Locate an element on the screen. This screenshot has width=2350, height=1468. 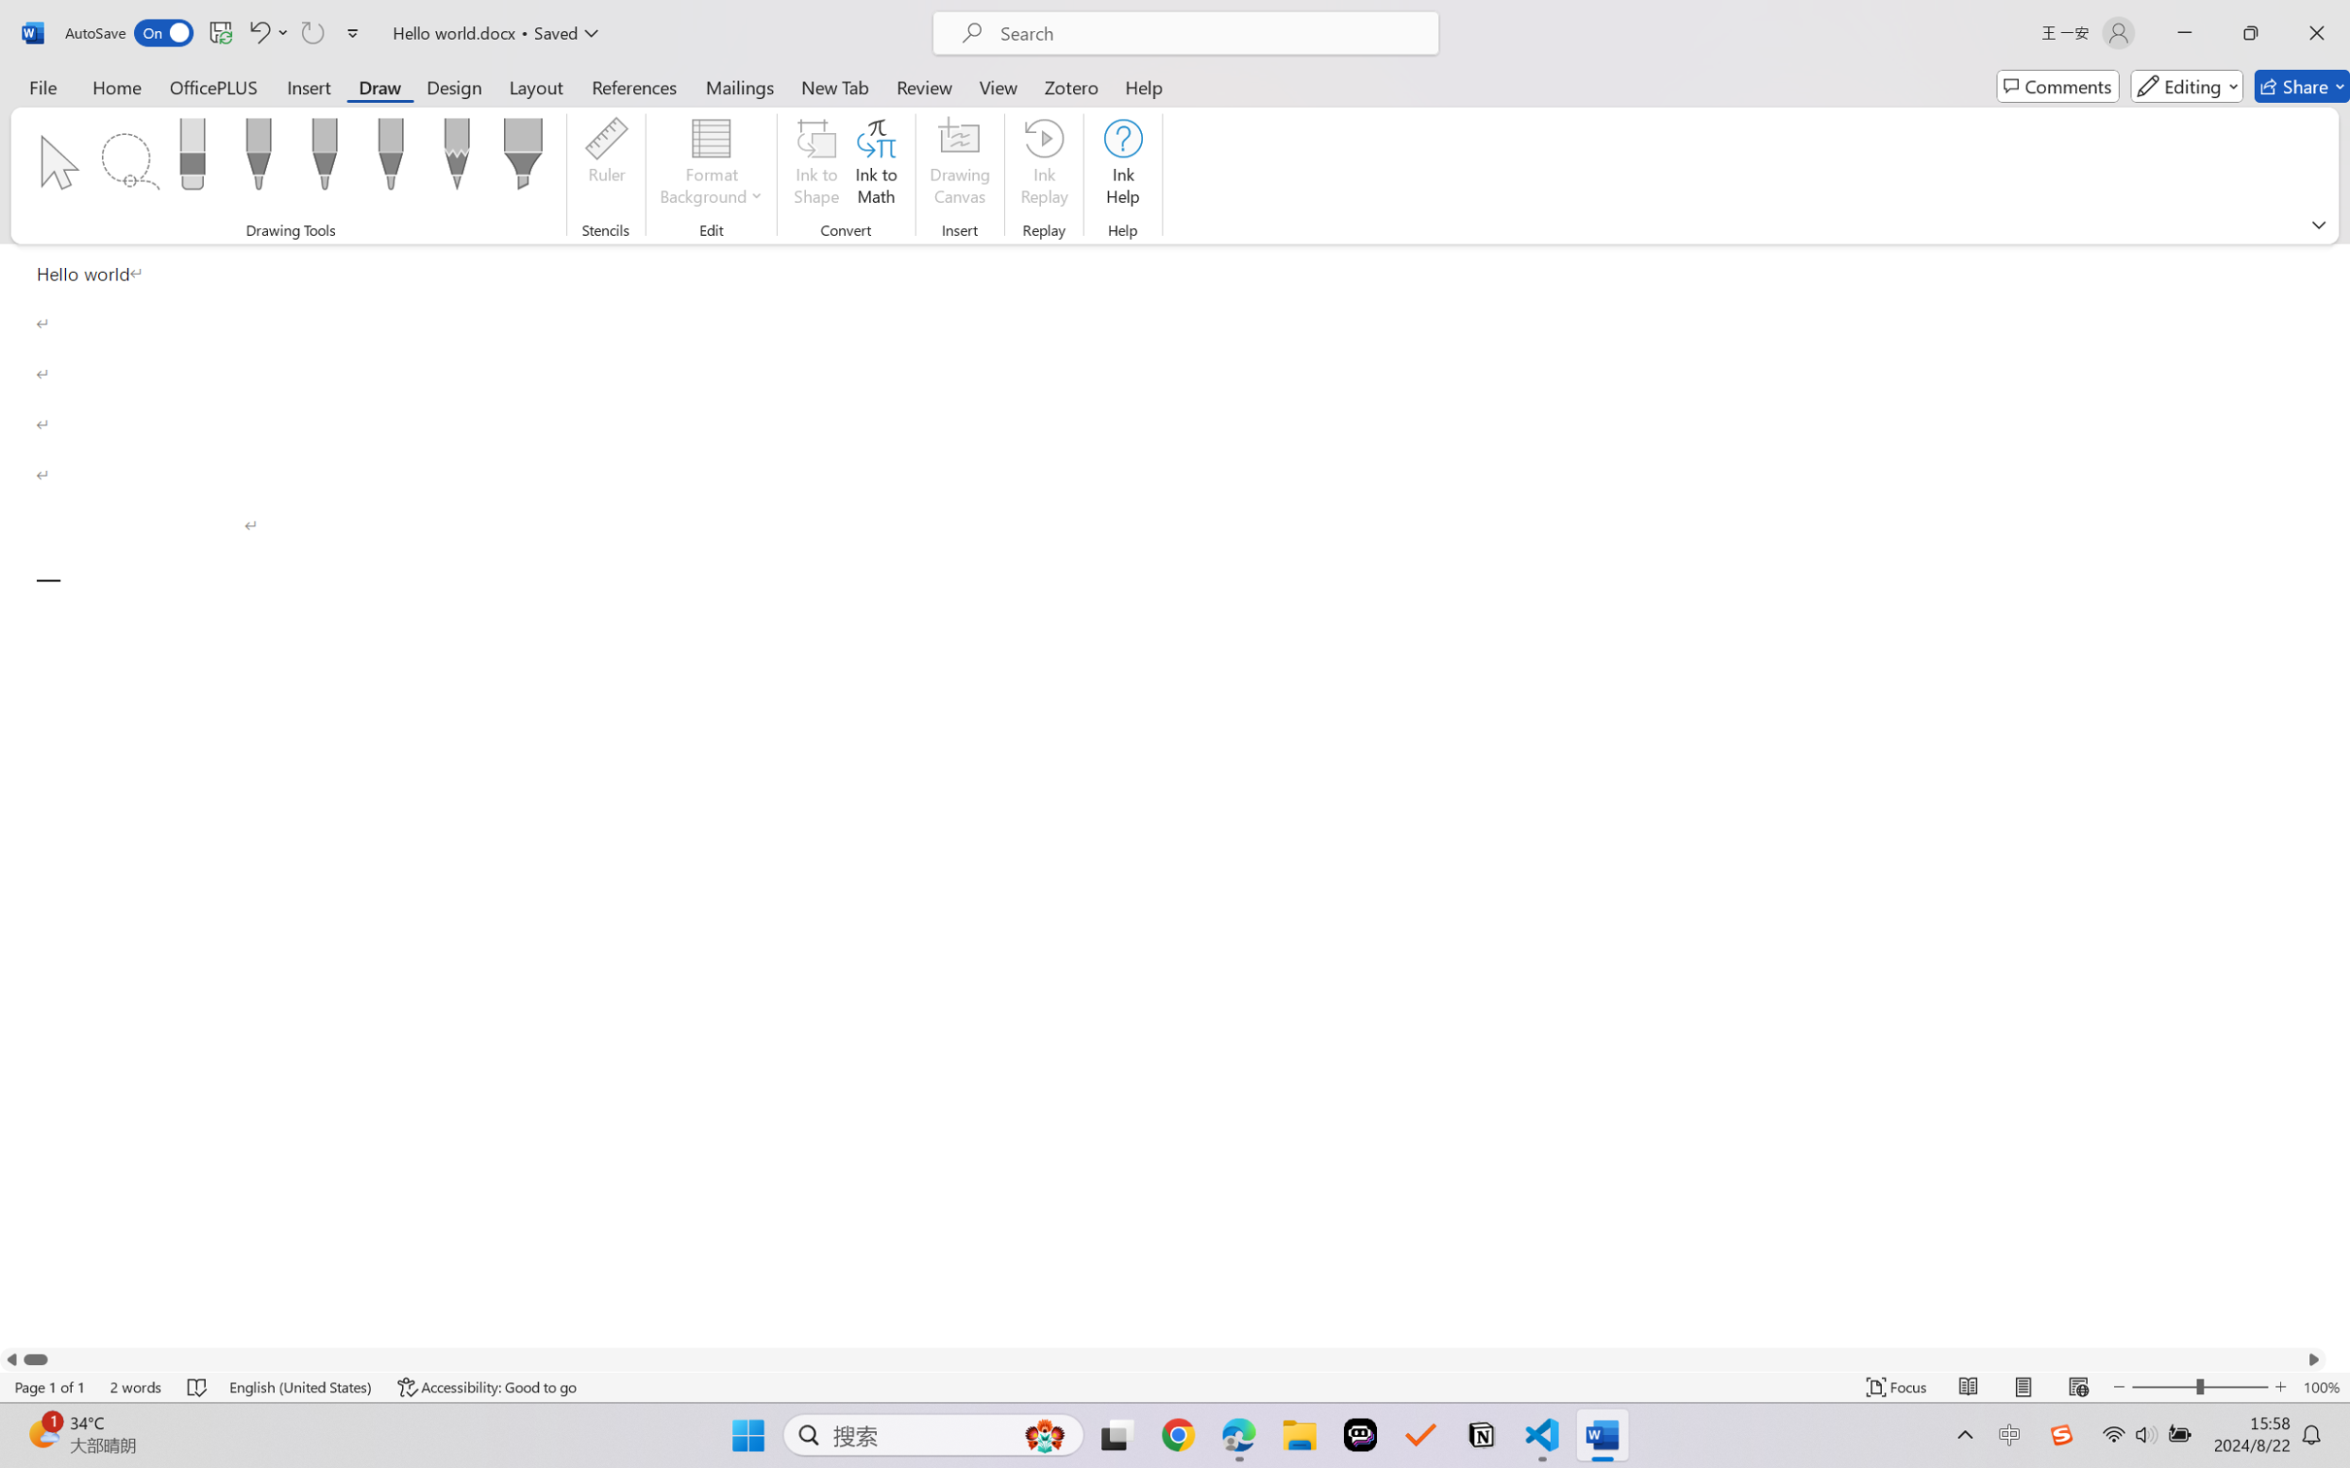
'Close' is located at coordinates (2316, 32).